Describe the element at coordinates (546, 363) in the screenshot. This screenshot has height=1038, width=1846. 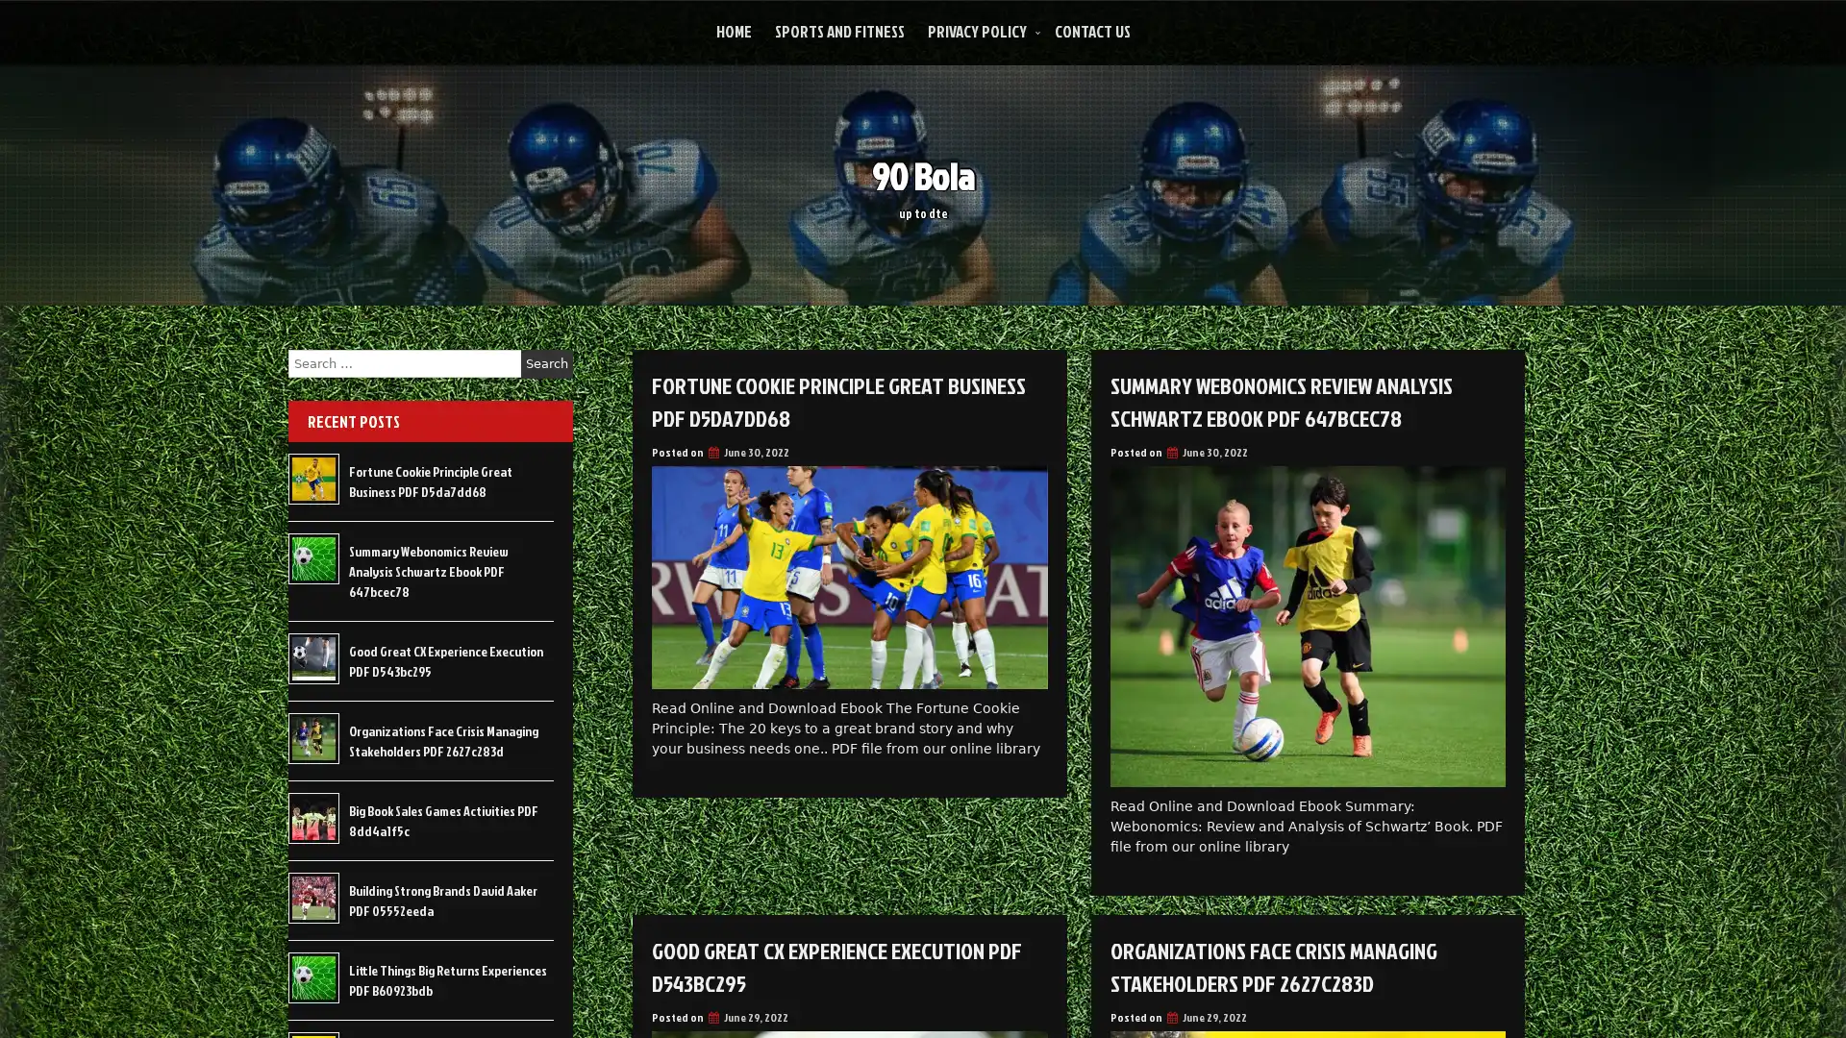
I see `Search` at that location.